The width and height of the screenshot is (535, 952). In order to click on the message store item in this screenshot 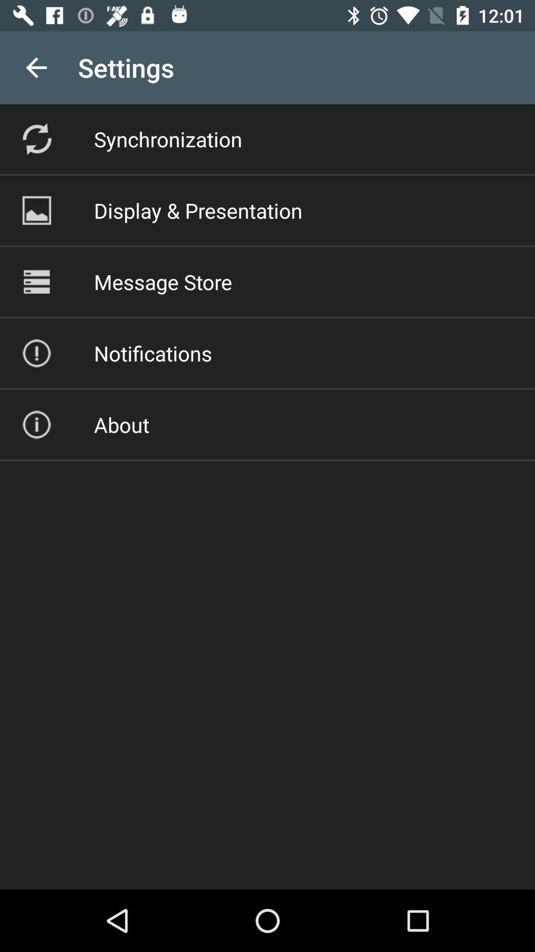, I will do `click(162, 281)`.